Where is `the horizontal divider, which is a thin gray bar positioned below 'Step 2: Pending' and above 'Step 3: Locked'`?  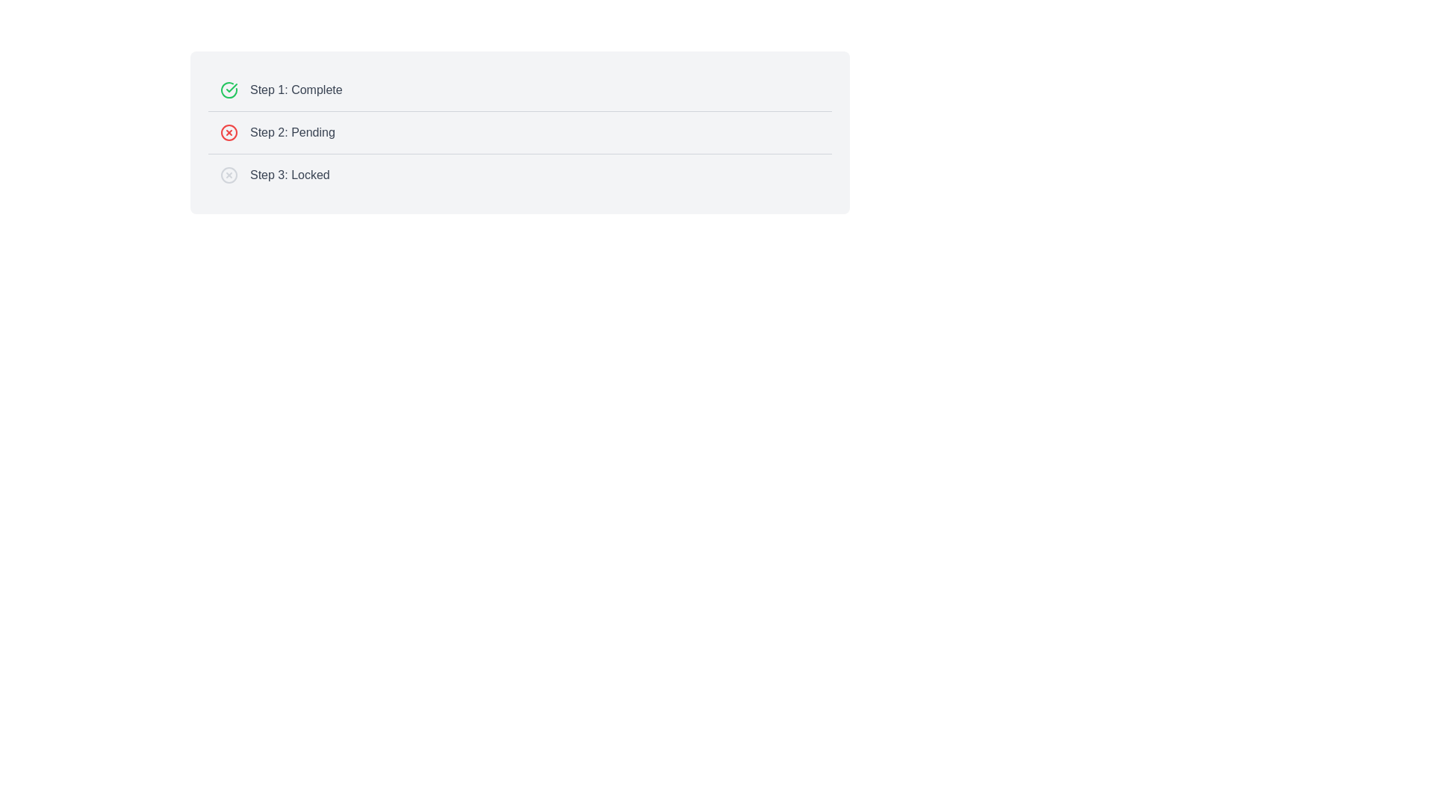 the horizontal divider, which is a thin gray bar positioned below 'Step 2: Pending' and above 'Step 3: Locked' is located at coordinates (520, 154).